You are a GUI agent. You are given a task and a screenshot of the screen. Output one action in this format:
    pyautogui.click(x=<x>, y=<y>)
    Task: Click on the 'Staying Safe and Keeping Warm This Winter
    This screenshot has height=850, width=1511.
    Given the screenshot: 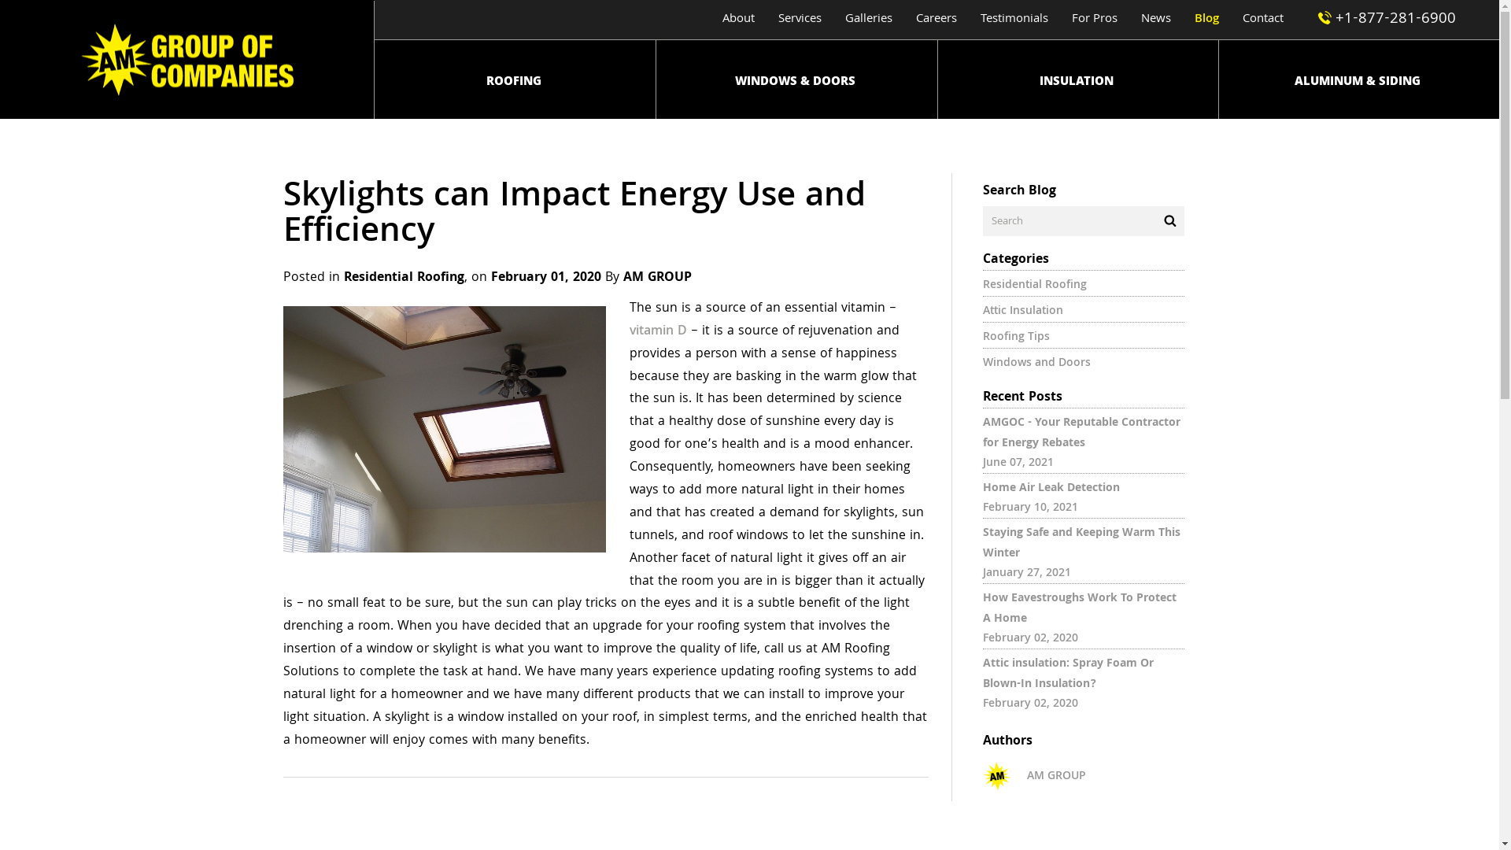 What is the action you would take?
    pyautogui.click(x=1083, y=549)
    